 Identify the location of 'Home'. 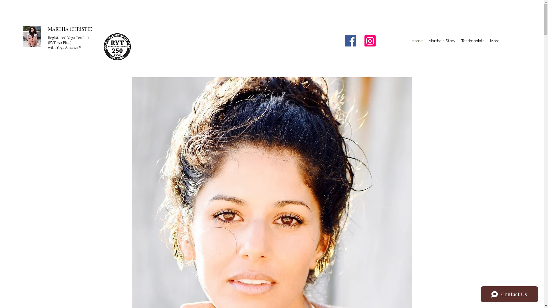
(417, 40).